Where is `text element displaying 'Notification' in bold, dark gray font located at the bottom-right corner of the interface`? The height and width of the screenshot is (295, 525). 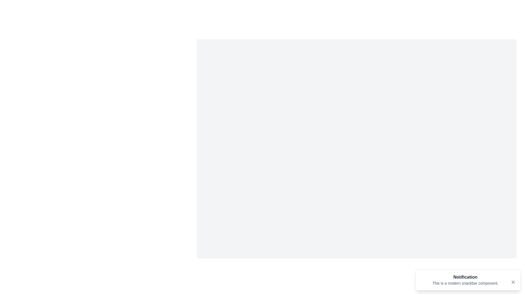 text element displaying 'Notification' in bold, dark gray font located at the bottom-right corner of the interface is located at coordinates (465, 277).